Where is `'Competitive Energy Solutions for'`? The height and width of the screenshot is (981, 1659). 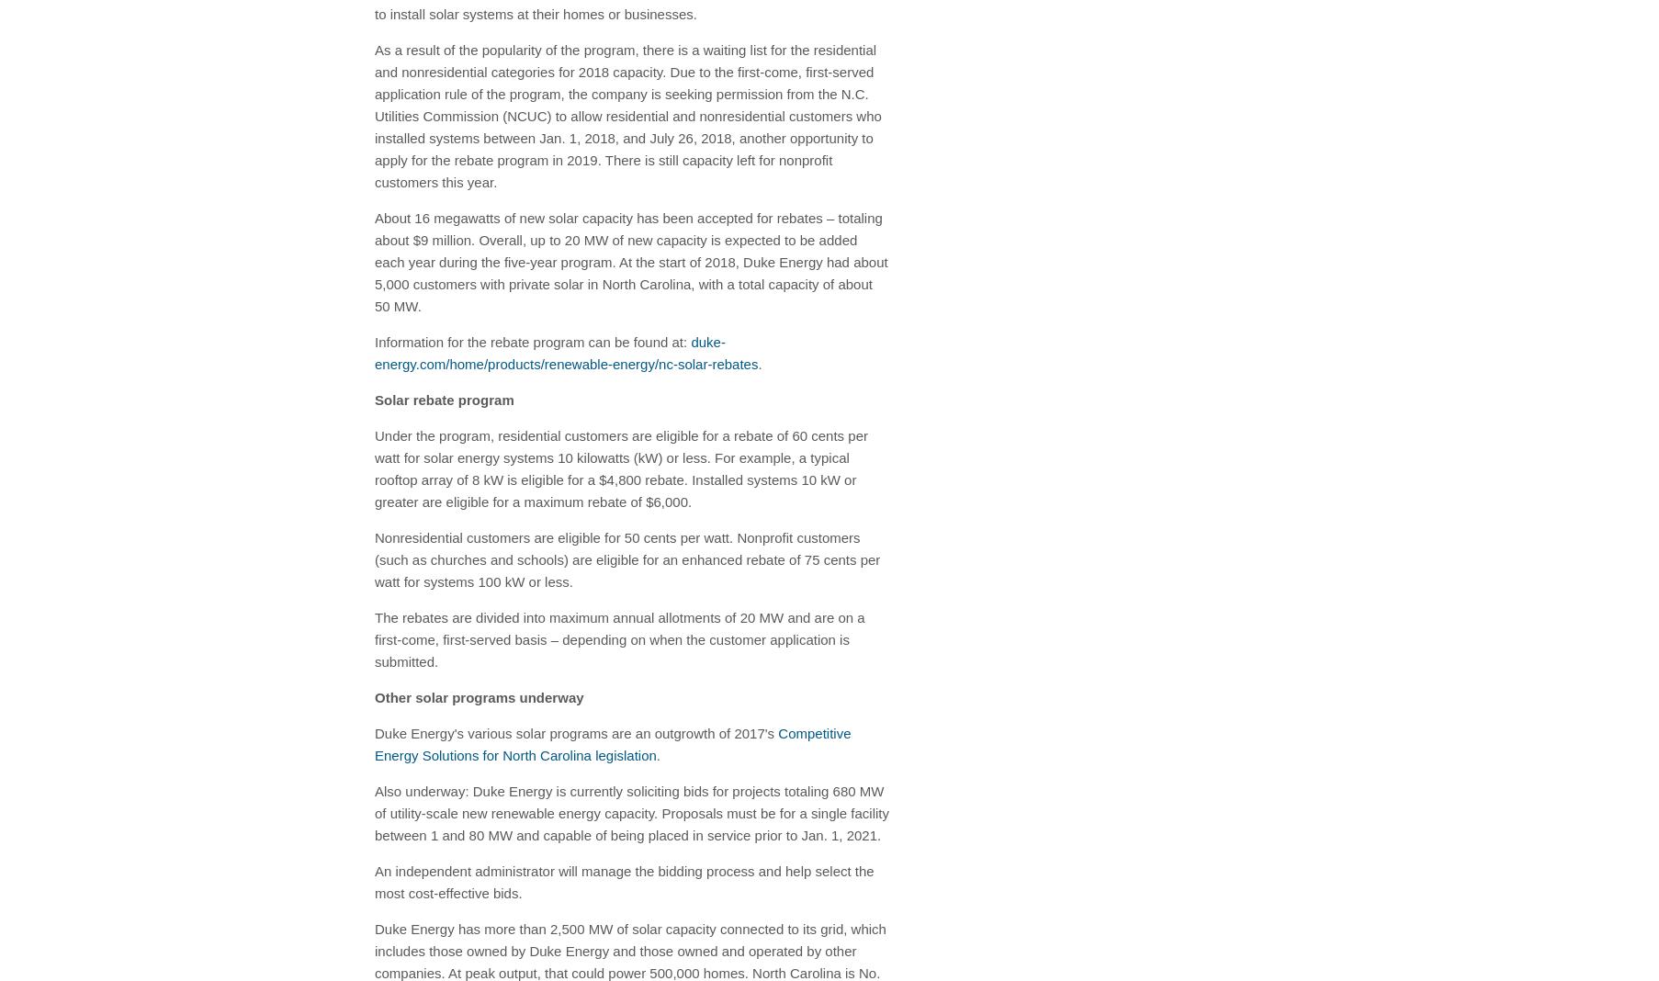
'Competitive Energy Solutions for' is located at coordinates (611, 742).